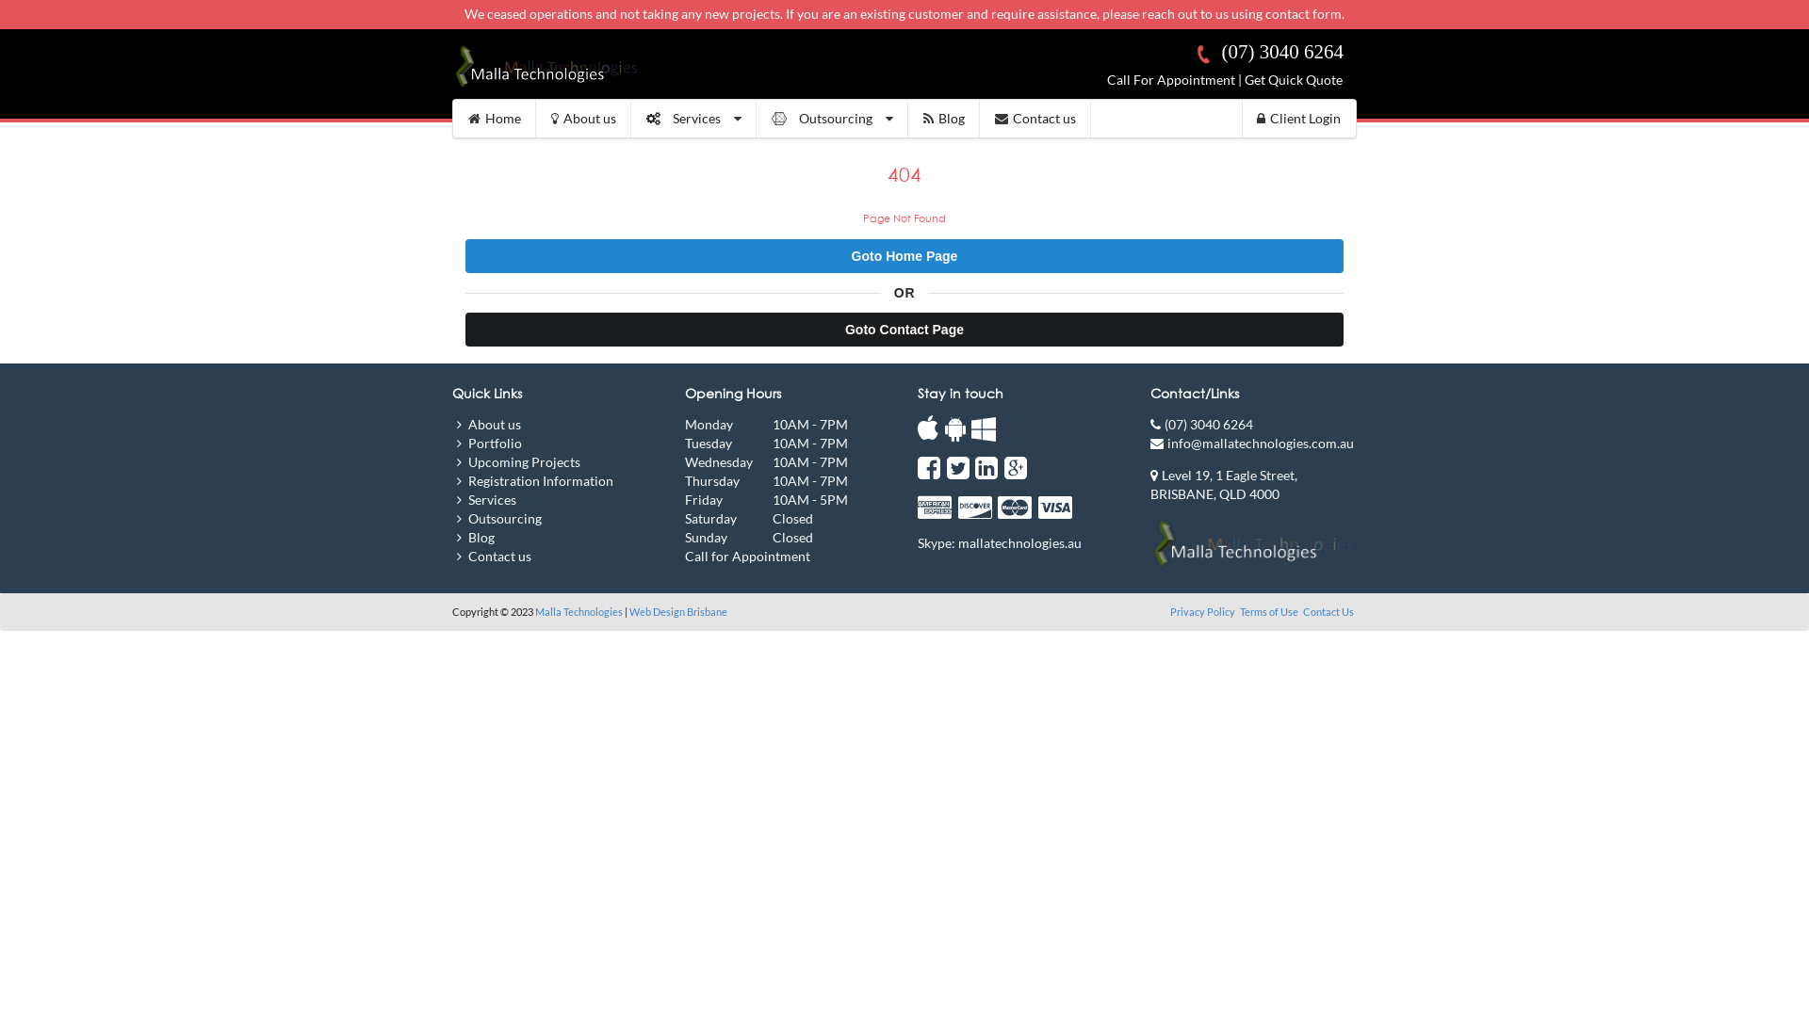  I want to click on 'Client Login', so click(1297, 119).